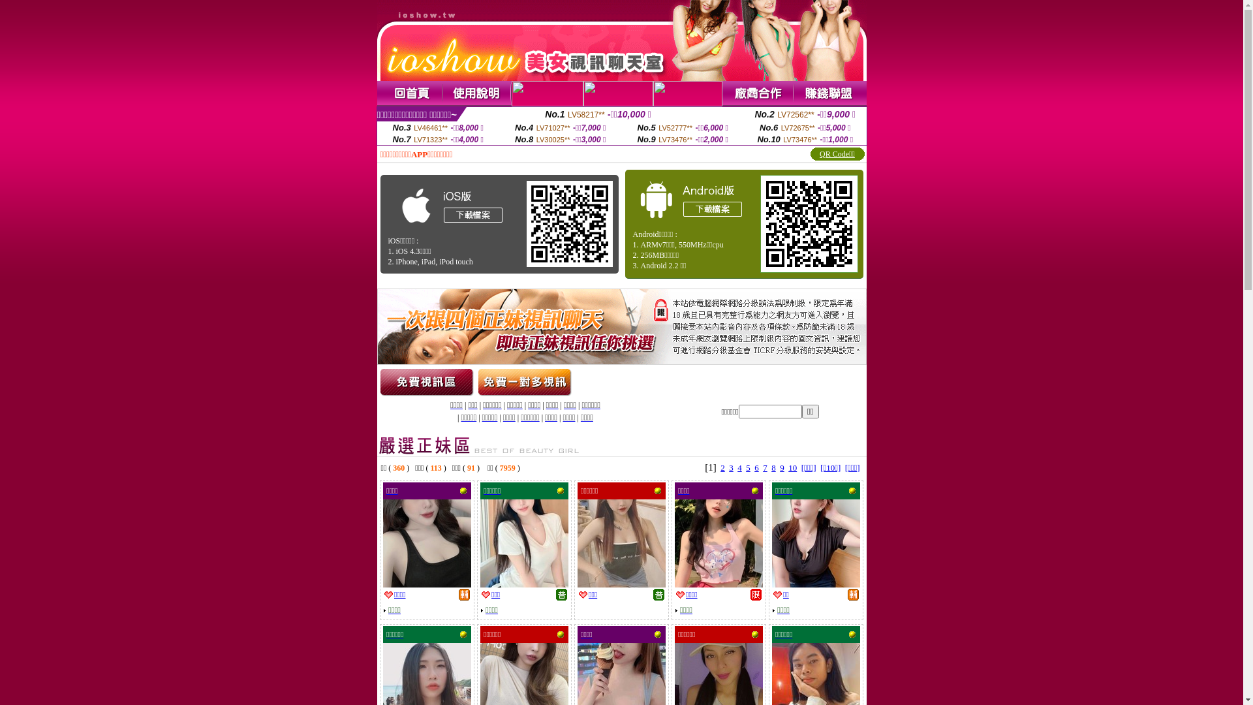 Image resolution: width=1253 pixels, height=705 pixels. What do you see at coordinates (737, 467) in the screenshot?
I see `'4'` at bounding box center [737, 467].